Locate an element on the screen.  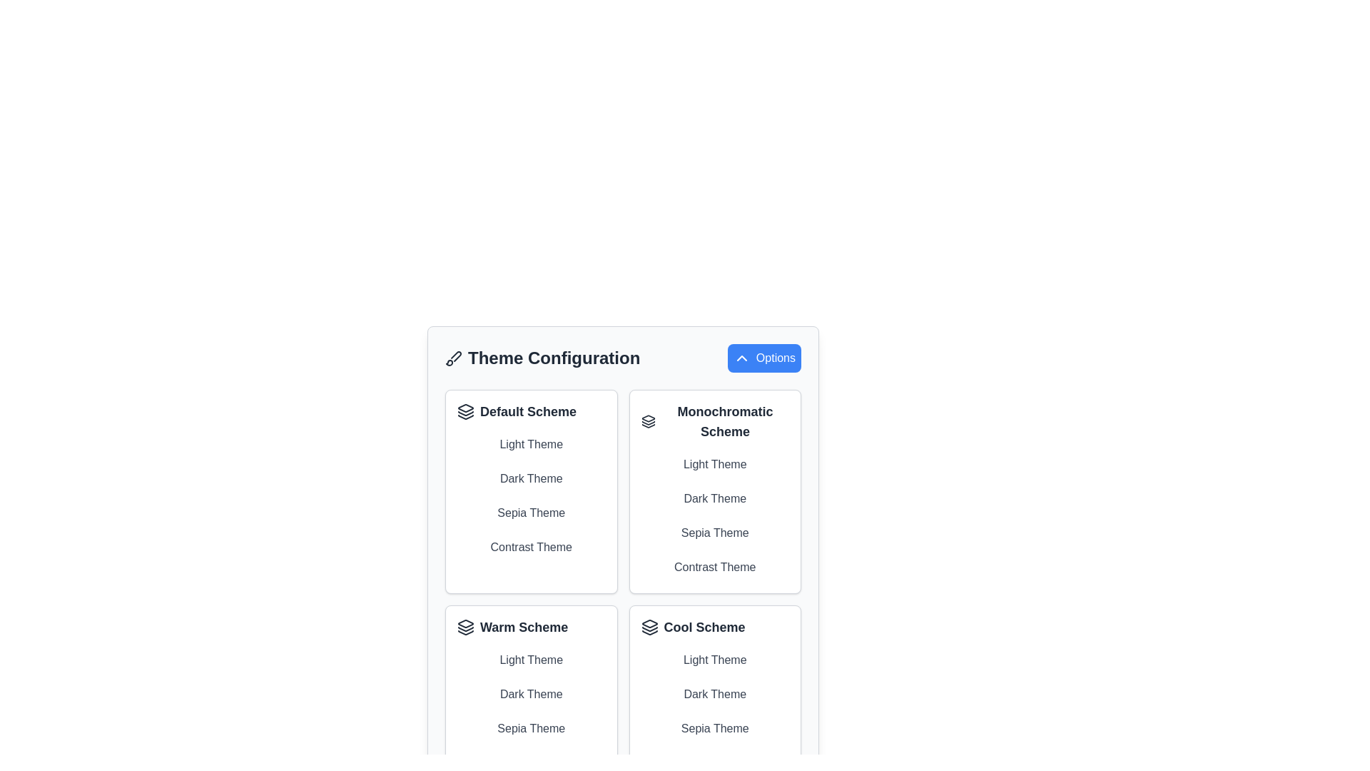
the 'Dark Theme' text button is located at coordinates (715, 491).